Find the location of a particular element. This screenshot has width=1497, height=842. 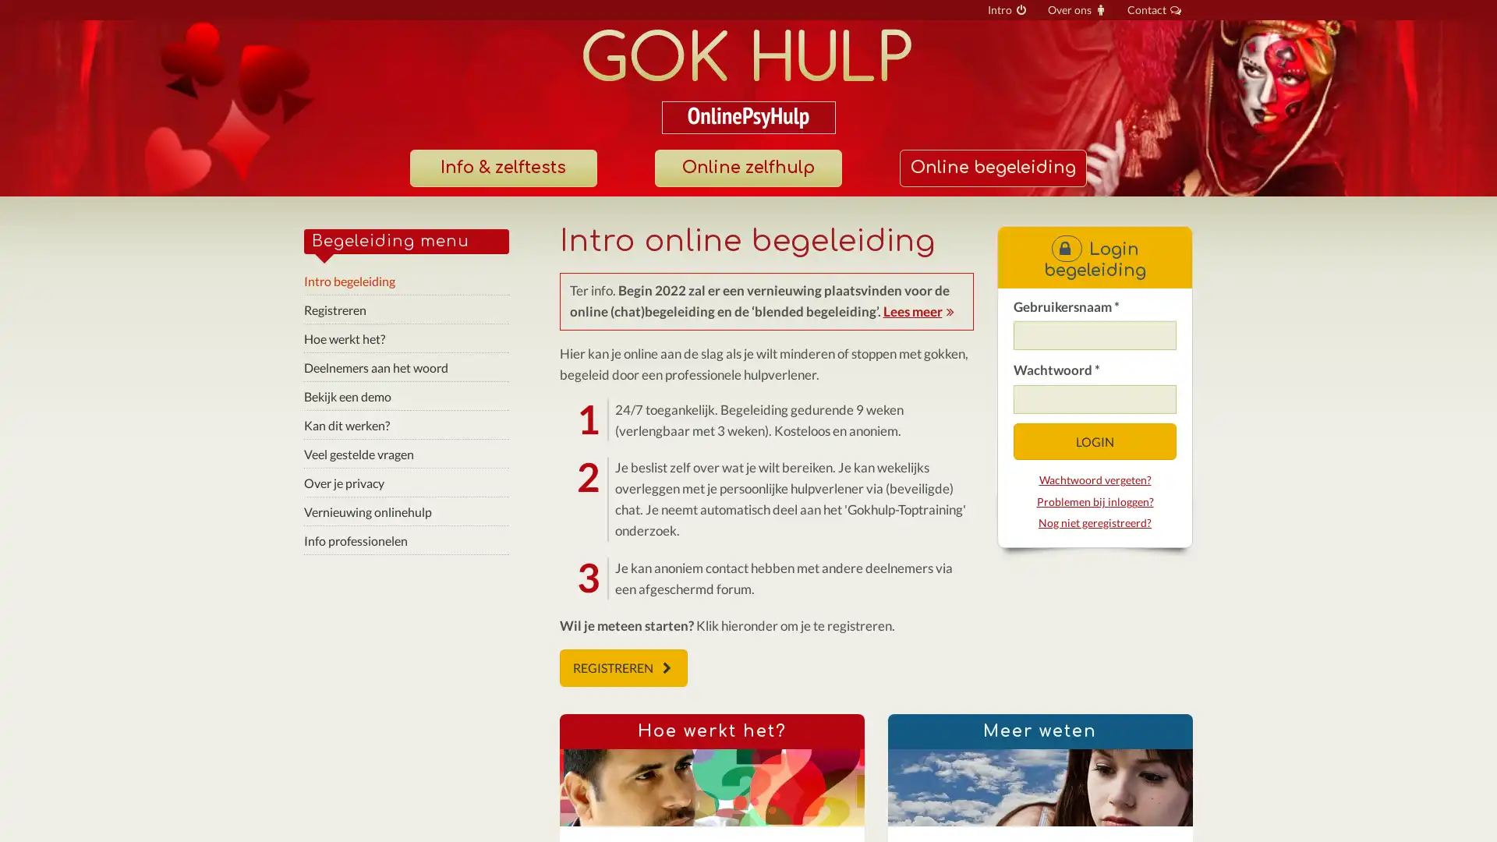

Online zelfhulp is located at coordinates (747, 168).